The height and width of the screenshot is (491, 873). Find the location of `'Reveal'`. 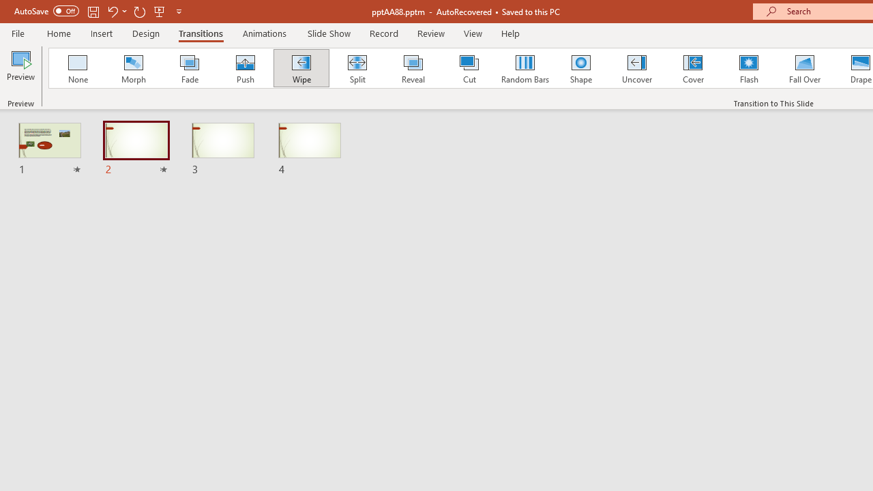

'Reveal' is located at coordinates (412, 68).